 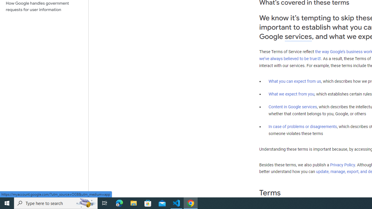 What do you see at coordinates (293, 107) in the screenshot?
I see `'Content in Google services'` at bounding box center [293, 107].